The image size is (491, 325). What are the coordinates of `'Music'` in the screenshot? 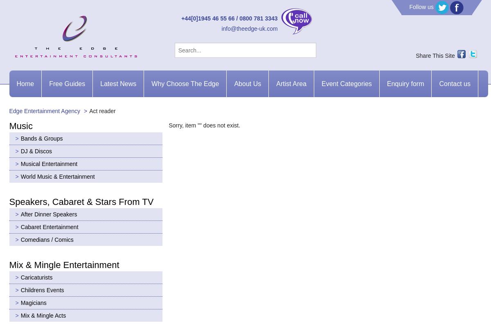 It's located at (20, 125).